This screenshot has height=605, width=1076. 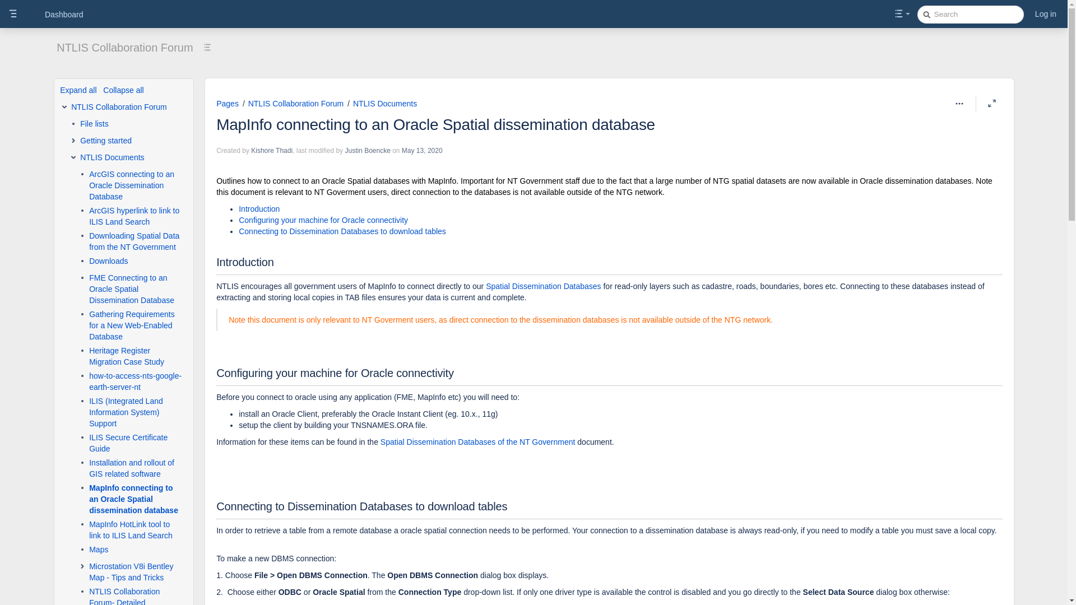 I want to click on 'File lists', so click(x=94, y=123).